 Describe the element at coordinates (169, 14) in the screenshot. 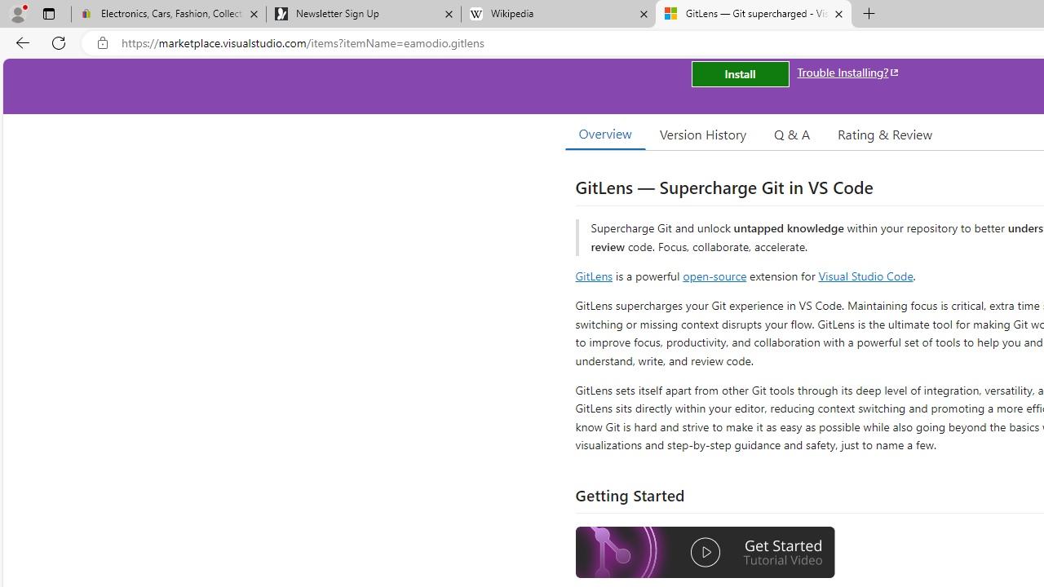

I see `'Electronics, Cars, Fashion, Collectibles & More | eBay'` at that location.